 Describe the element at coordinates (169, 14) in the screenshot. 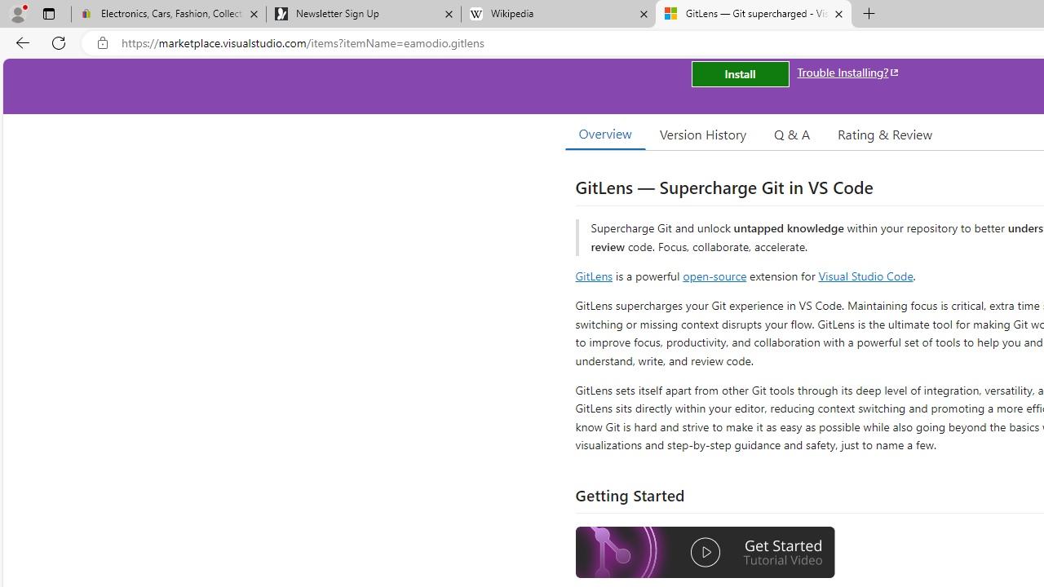

I see `'Electronics, Cars, Fashion, Collectibles & More | eBay'` at that location.